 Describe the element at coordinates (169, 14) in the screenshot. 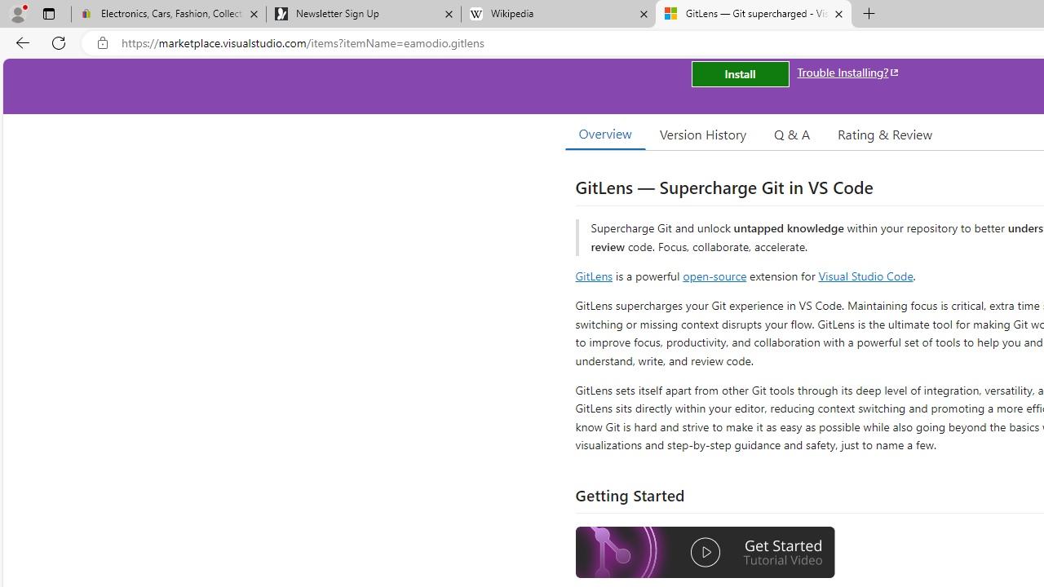

I see `'Electronics, Cars, Fashion, Collectibles & More | eBay'` at that location.